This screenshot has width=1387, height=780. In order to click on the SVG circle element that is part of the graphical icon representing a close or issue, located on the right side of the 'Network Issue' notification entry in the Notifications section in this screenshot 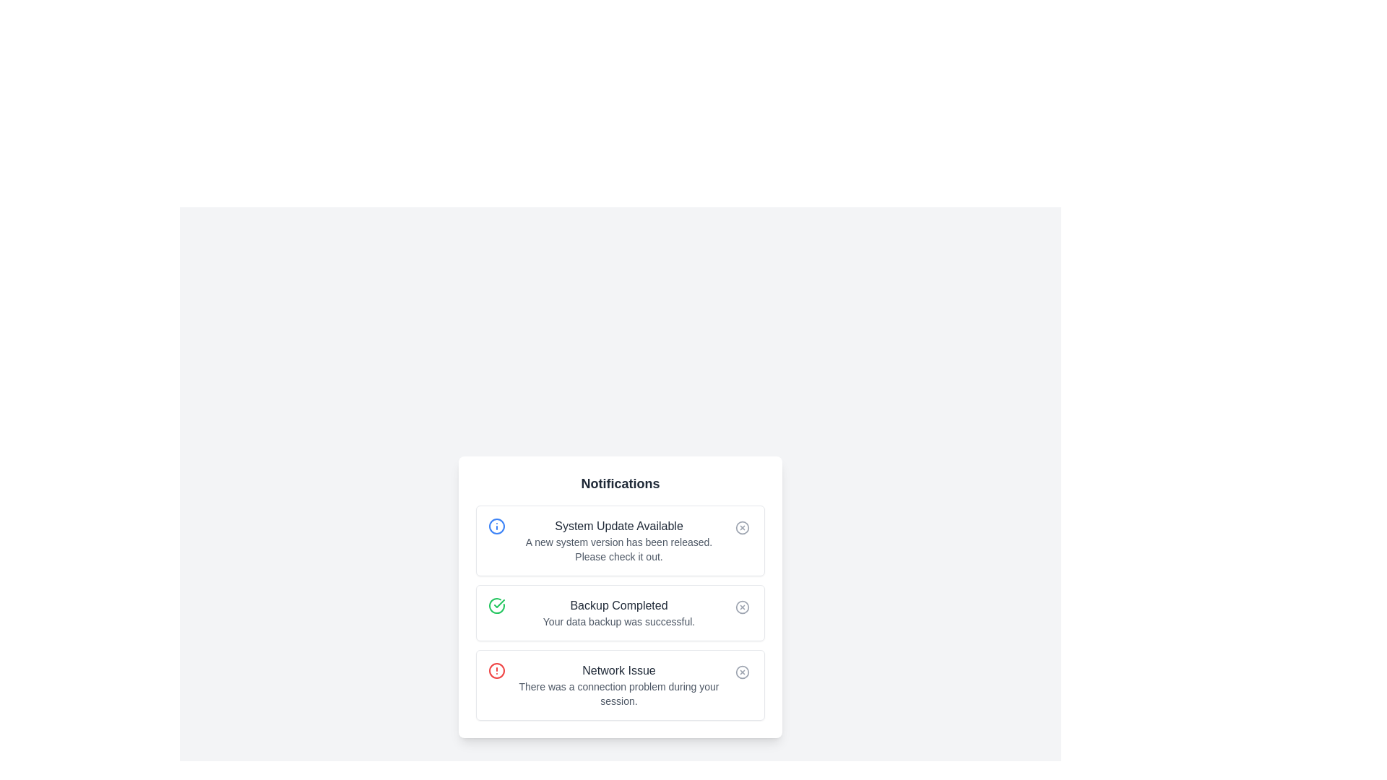, I will do `click(742, 672)`.